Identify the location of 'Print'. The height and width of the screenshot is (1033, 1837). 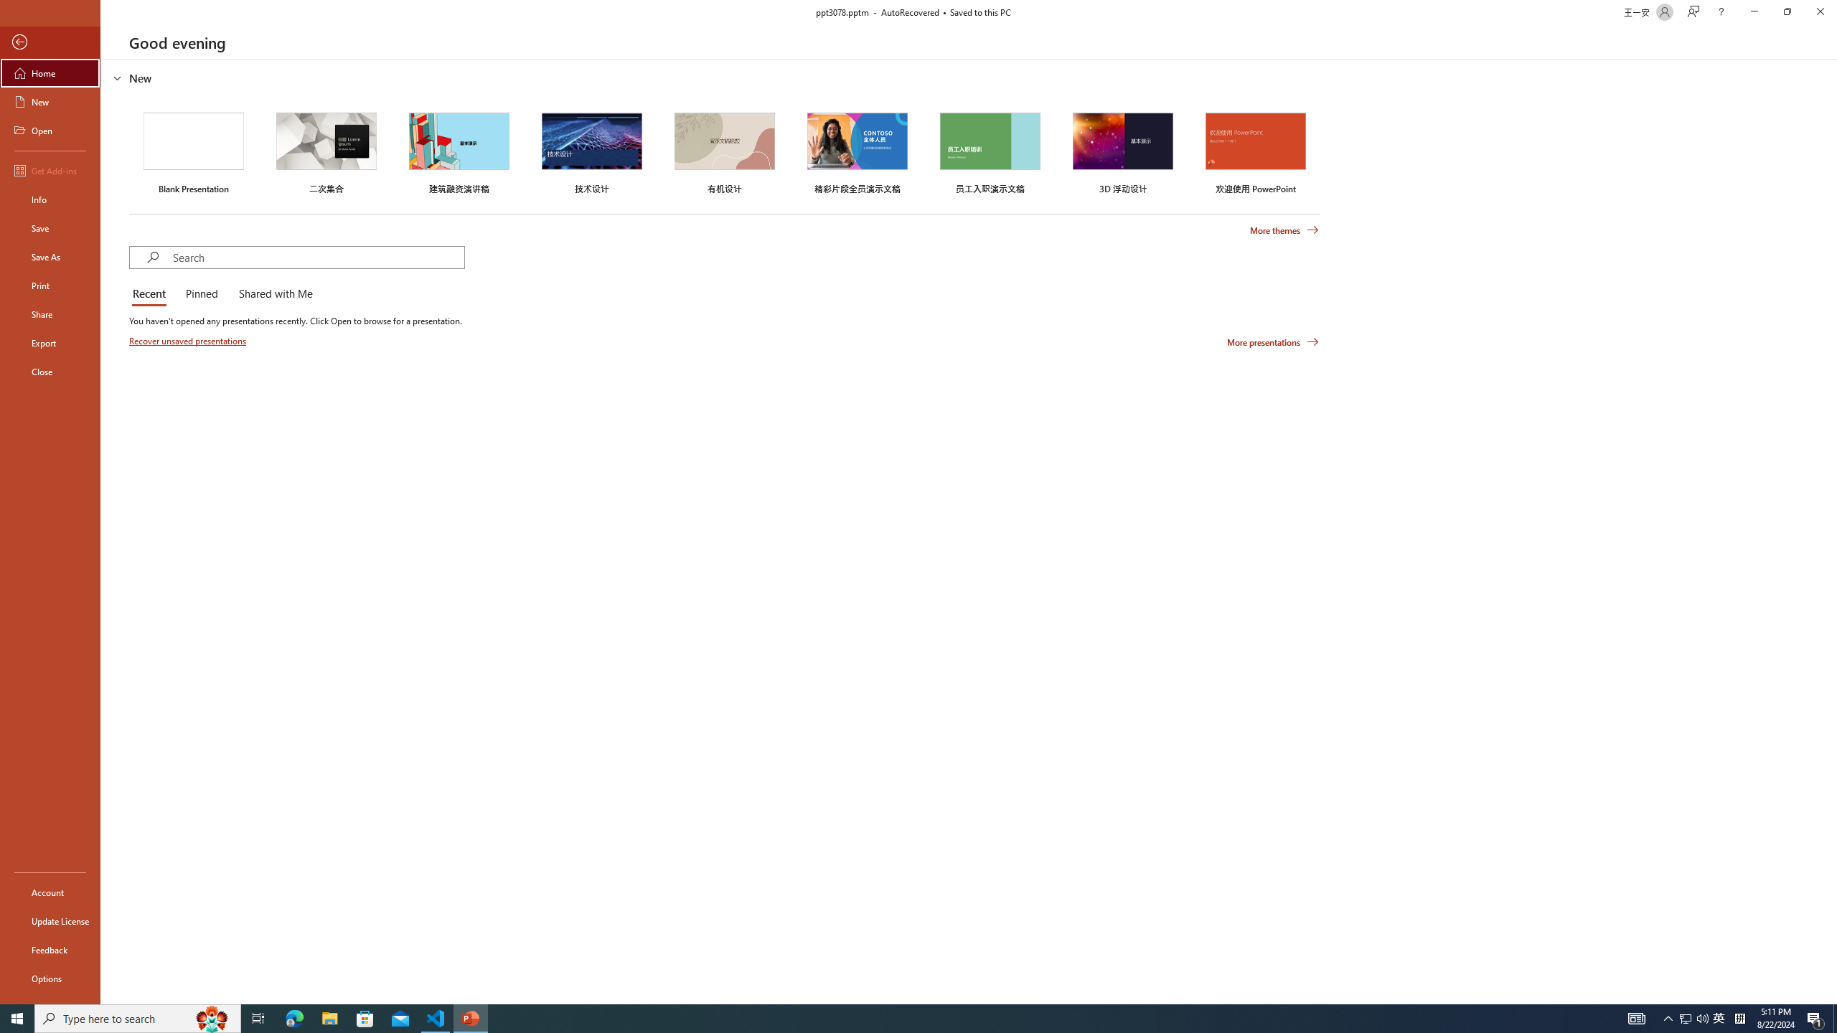
(50, 285).